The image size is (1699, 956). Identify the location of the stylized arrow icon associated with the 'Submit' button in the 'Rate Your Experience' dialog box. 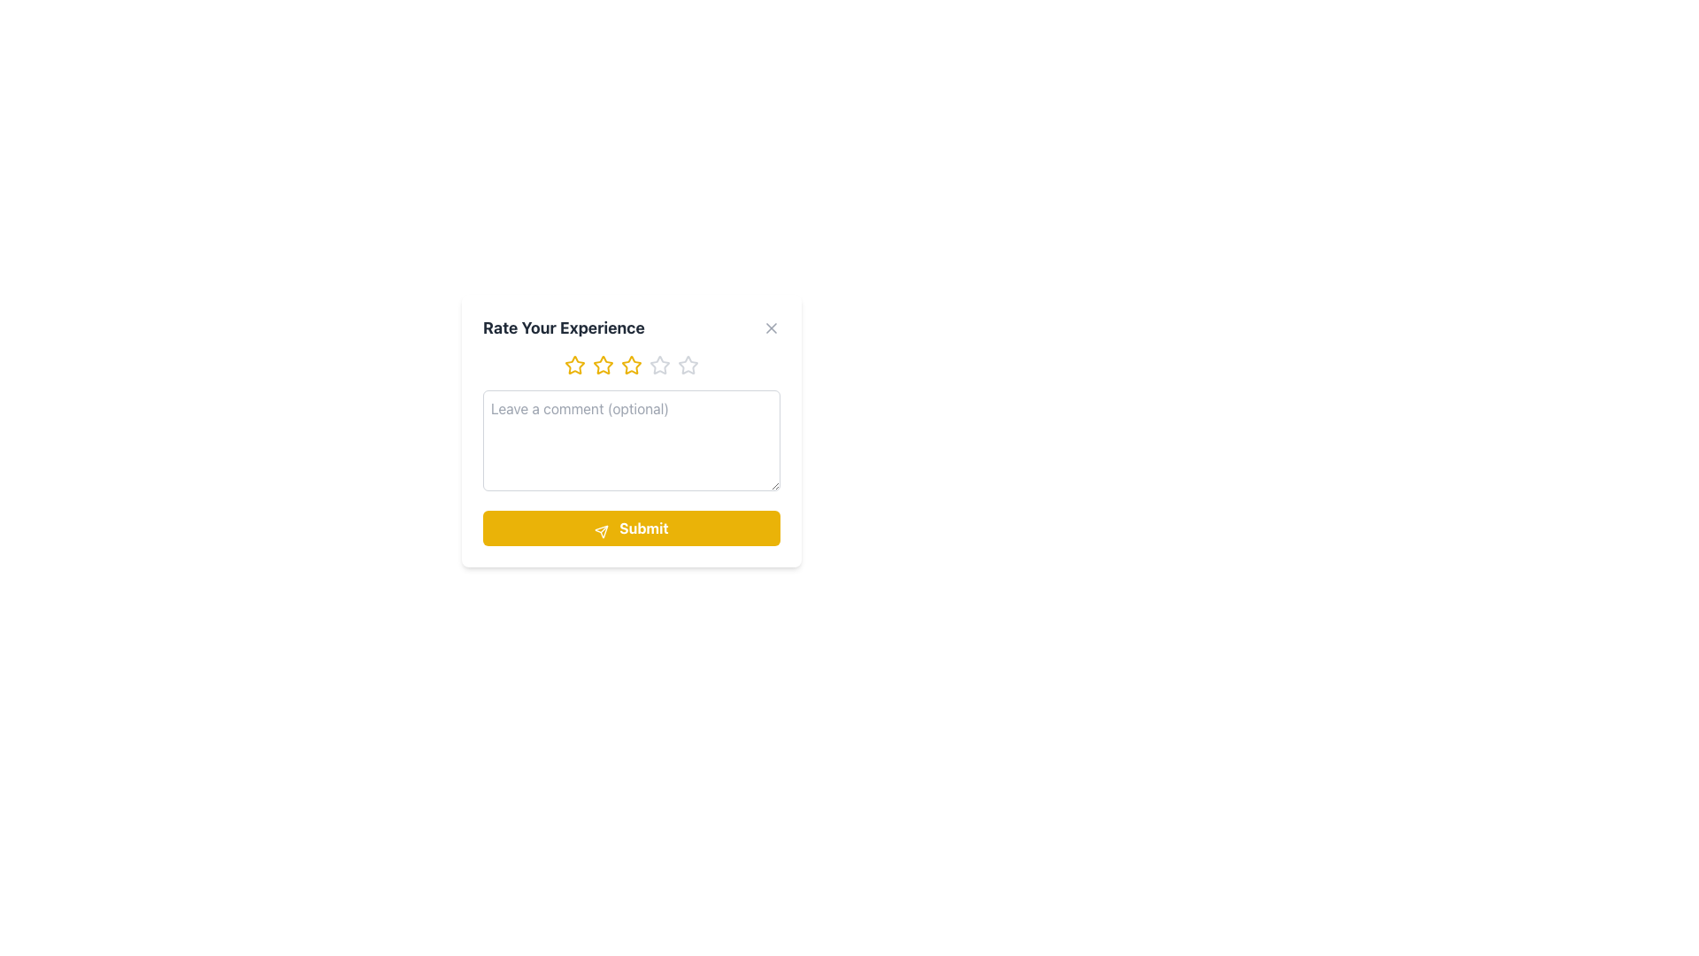
(602, 531).